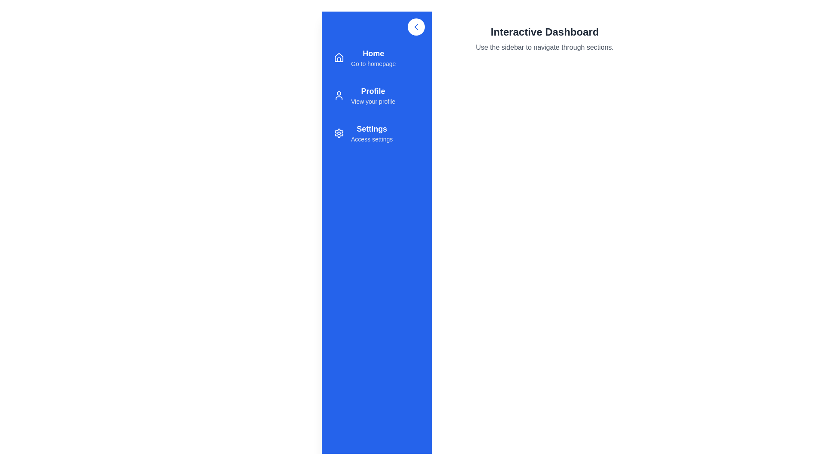  I want to click on the menu item Home to reveal its visual effect, so click(377, 58).